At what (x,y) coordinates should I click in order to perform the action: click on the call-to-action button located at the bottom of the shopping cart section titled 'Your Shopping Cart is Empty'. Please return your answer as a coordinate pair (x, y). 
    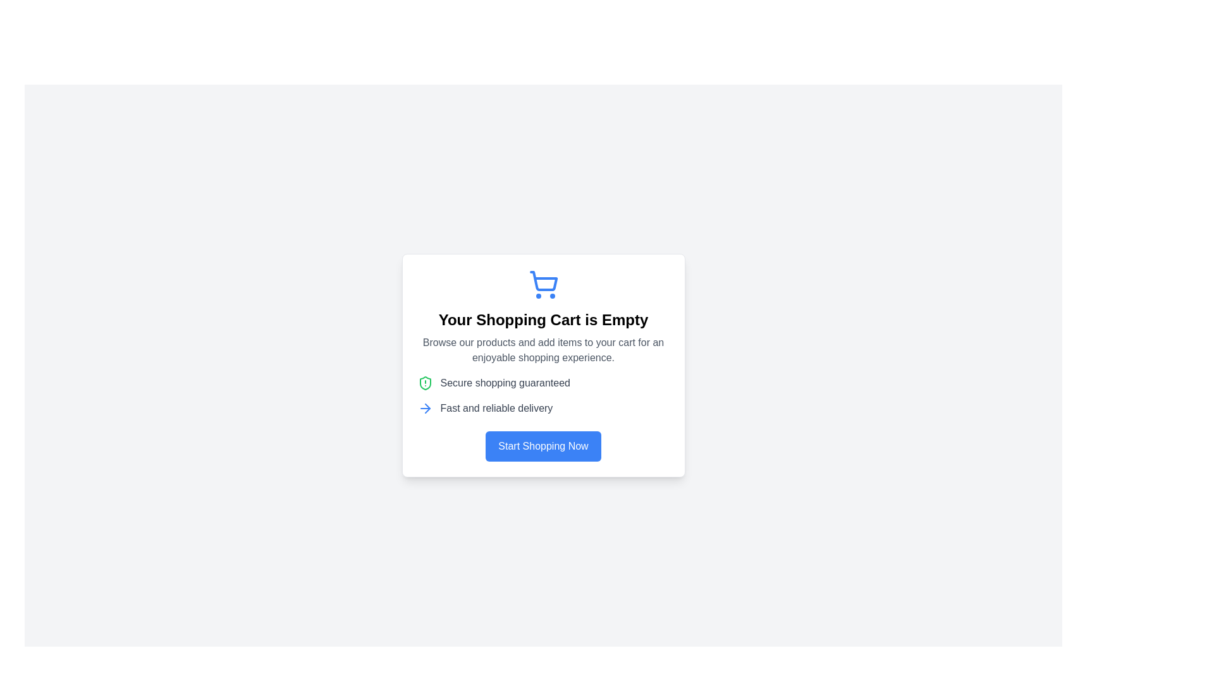
    Looking at the image, I should click on (543, 445).